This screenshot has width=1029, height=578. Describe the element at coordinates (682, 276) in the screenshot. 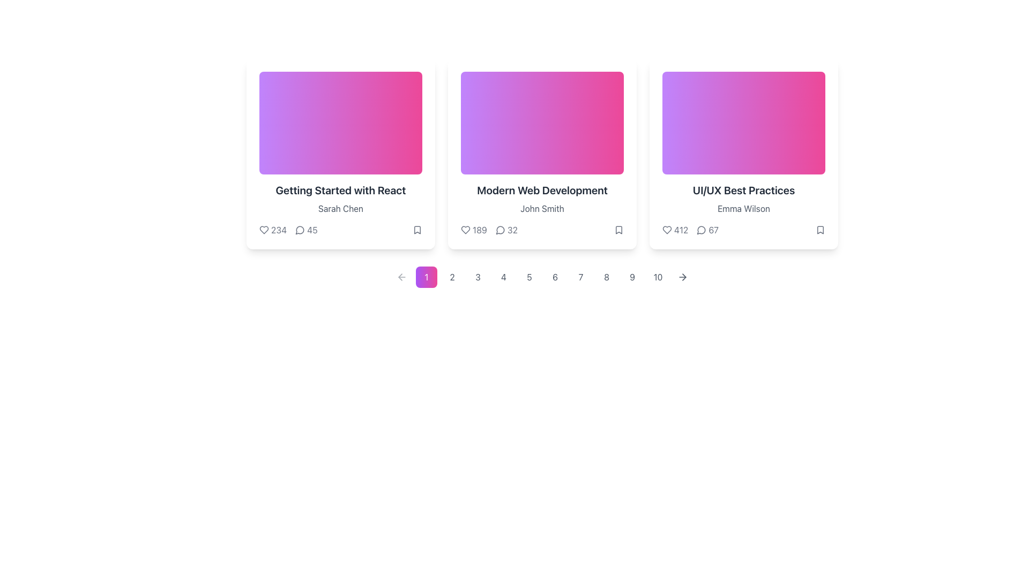

I see `the forward navigation button, which is a gray arrow icon pointing to the right, located to the right of the number '10' in the pagination control bar` at that location.